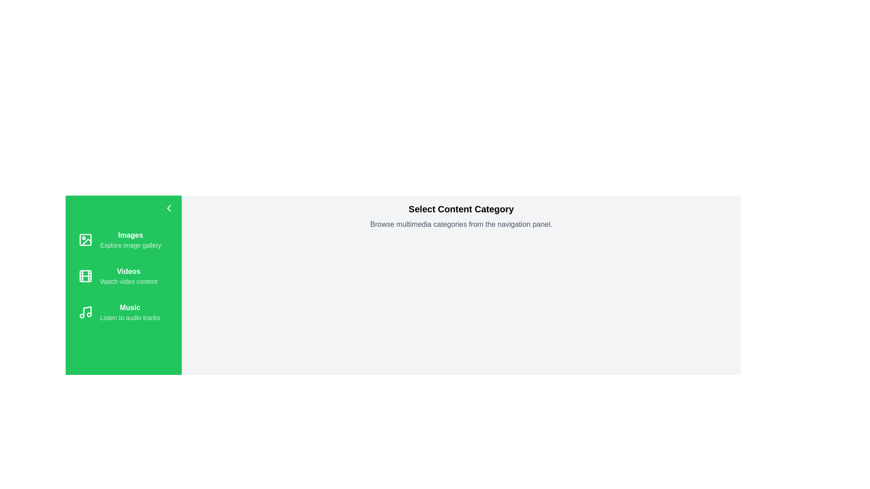 Image resolution: width=870 pixels, height=489 pixels. Describe the element at coordinates (123, 312) in the screenshot. I see `the category Music to see its hover effect` at that location.